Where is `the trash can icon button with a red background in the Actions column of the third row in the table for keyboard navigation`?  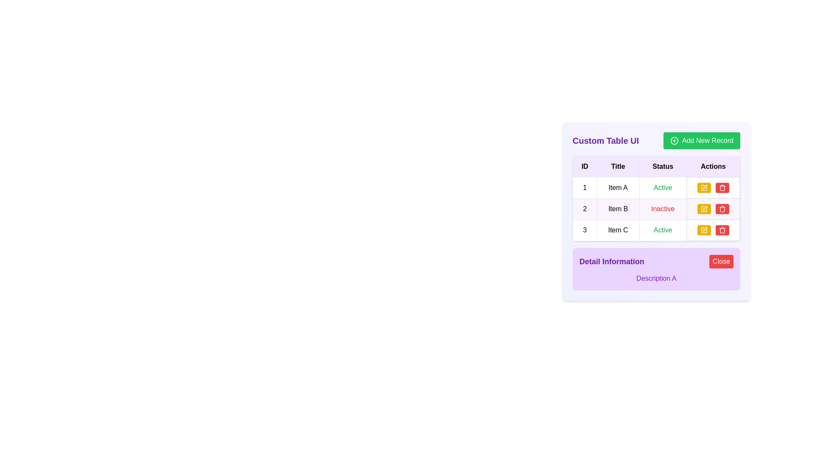 the trash can icon button with a red background in the Actions column of the third row in the table for keyboard navigation is located at coordinates (722, 187).